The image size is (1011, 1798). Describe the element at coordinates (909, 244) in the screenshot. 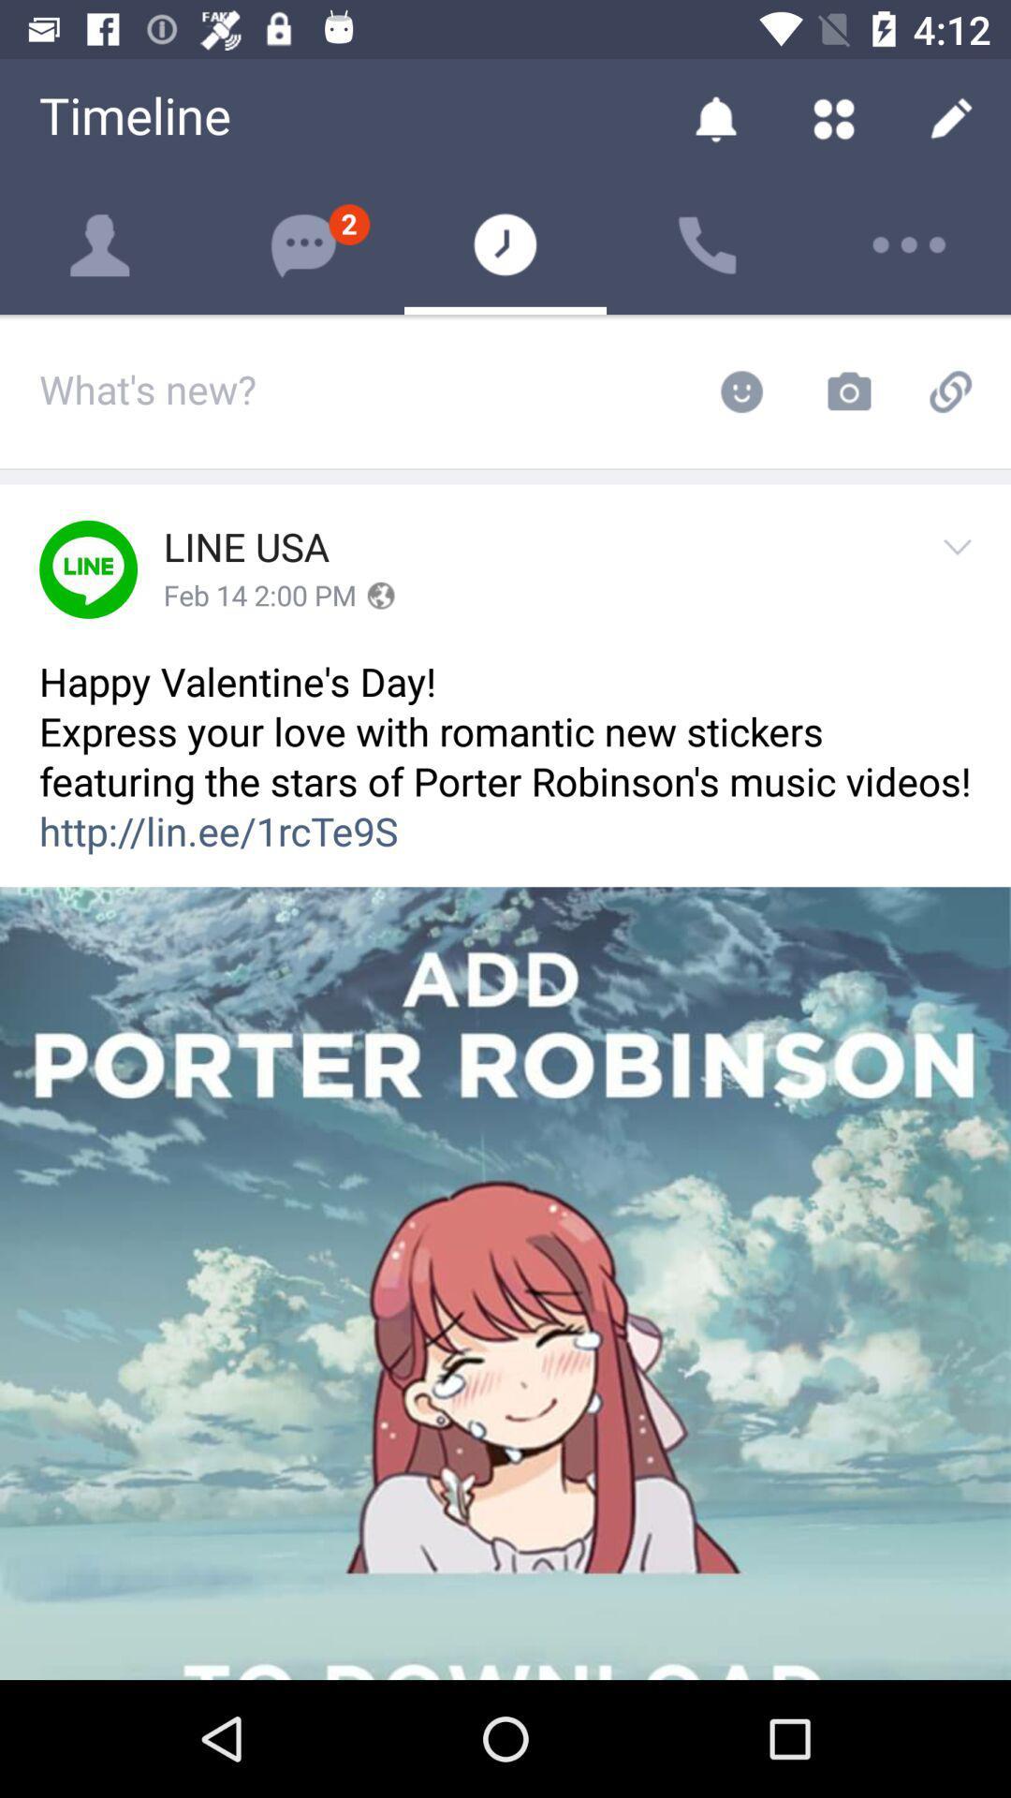

I see `the more icon` at that location.